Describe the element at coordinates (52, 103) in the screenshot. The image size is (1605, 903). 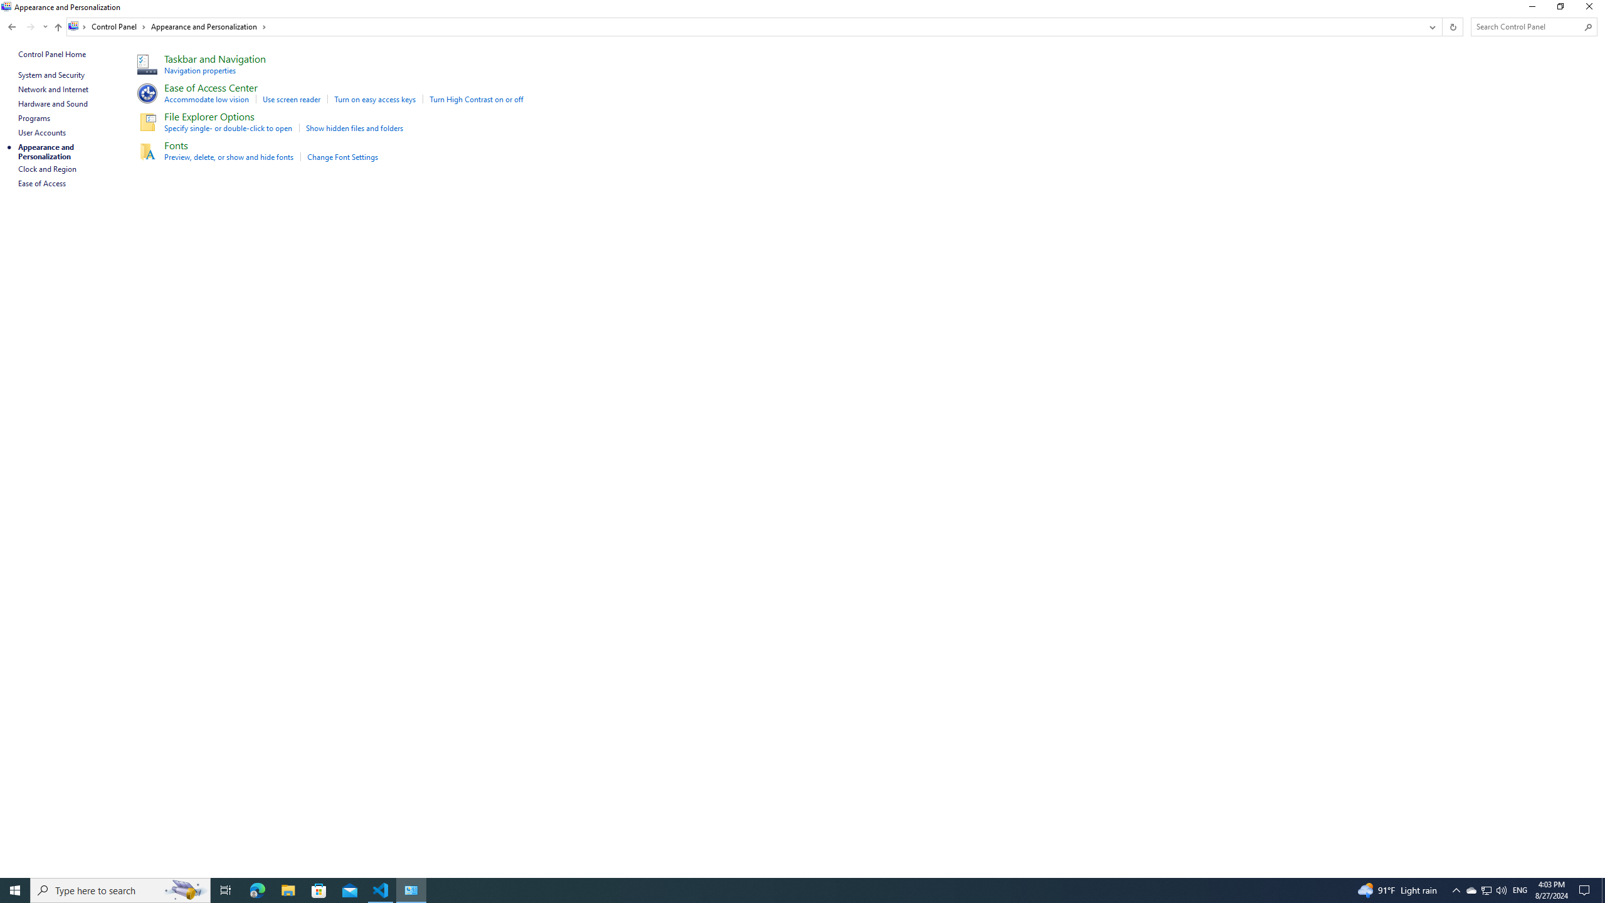
I see `'Hardware and Sound'` at that location.